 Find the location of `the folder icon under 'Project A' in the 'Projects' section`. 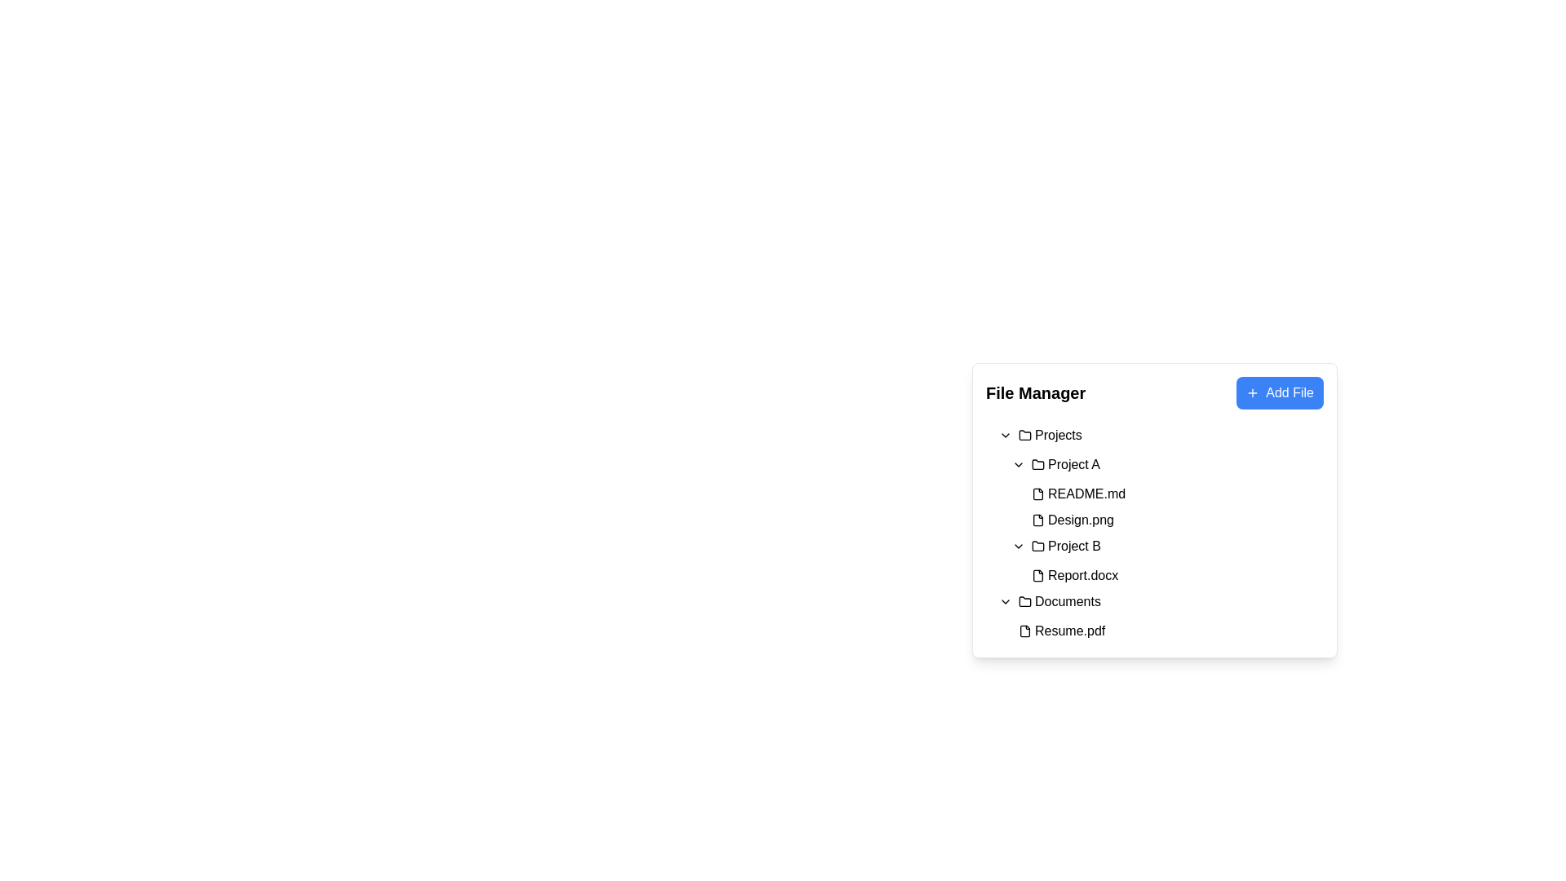

the folder icon under 'Project A' in the 'Projects' section is located at coordinates (1037, 465).